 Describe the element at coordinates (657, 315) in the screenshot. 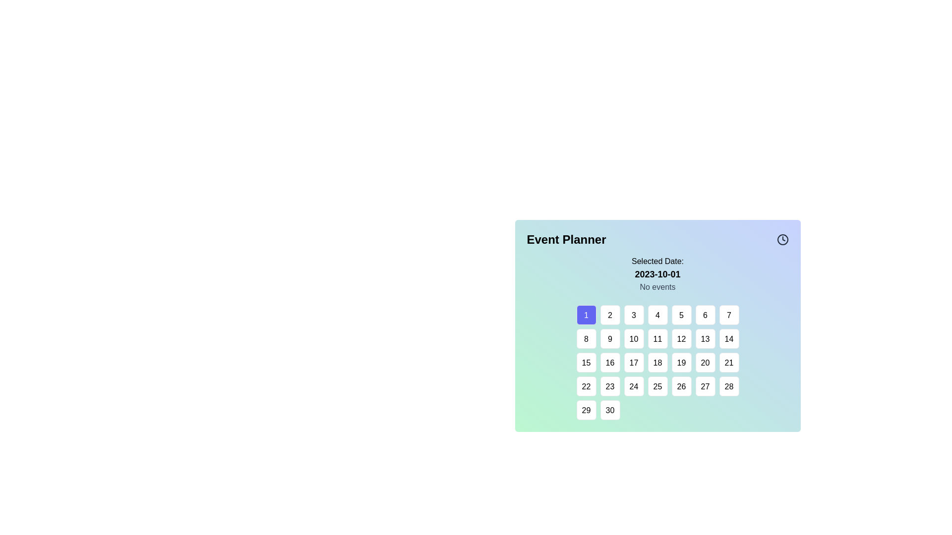

I see `the square button displaying the number '4' located in the first row and fourth column of the grid in the 'Event Planner' section` at that location.